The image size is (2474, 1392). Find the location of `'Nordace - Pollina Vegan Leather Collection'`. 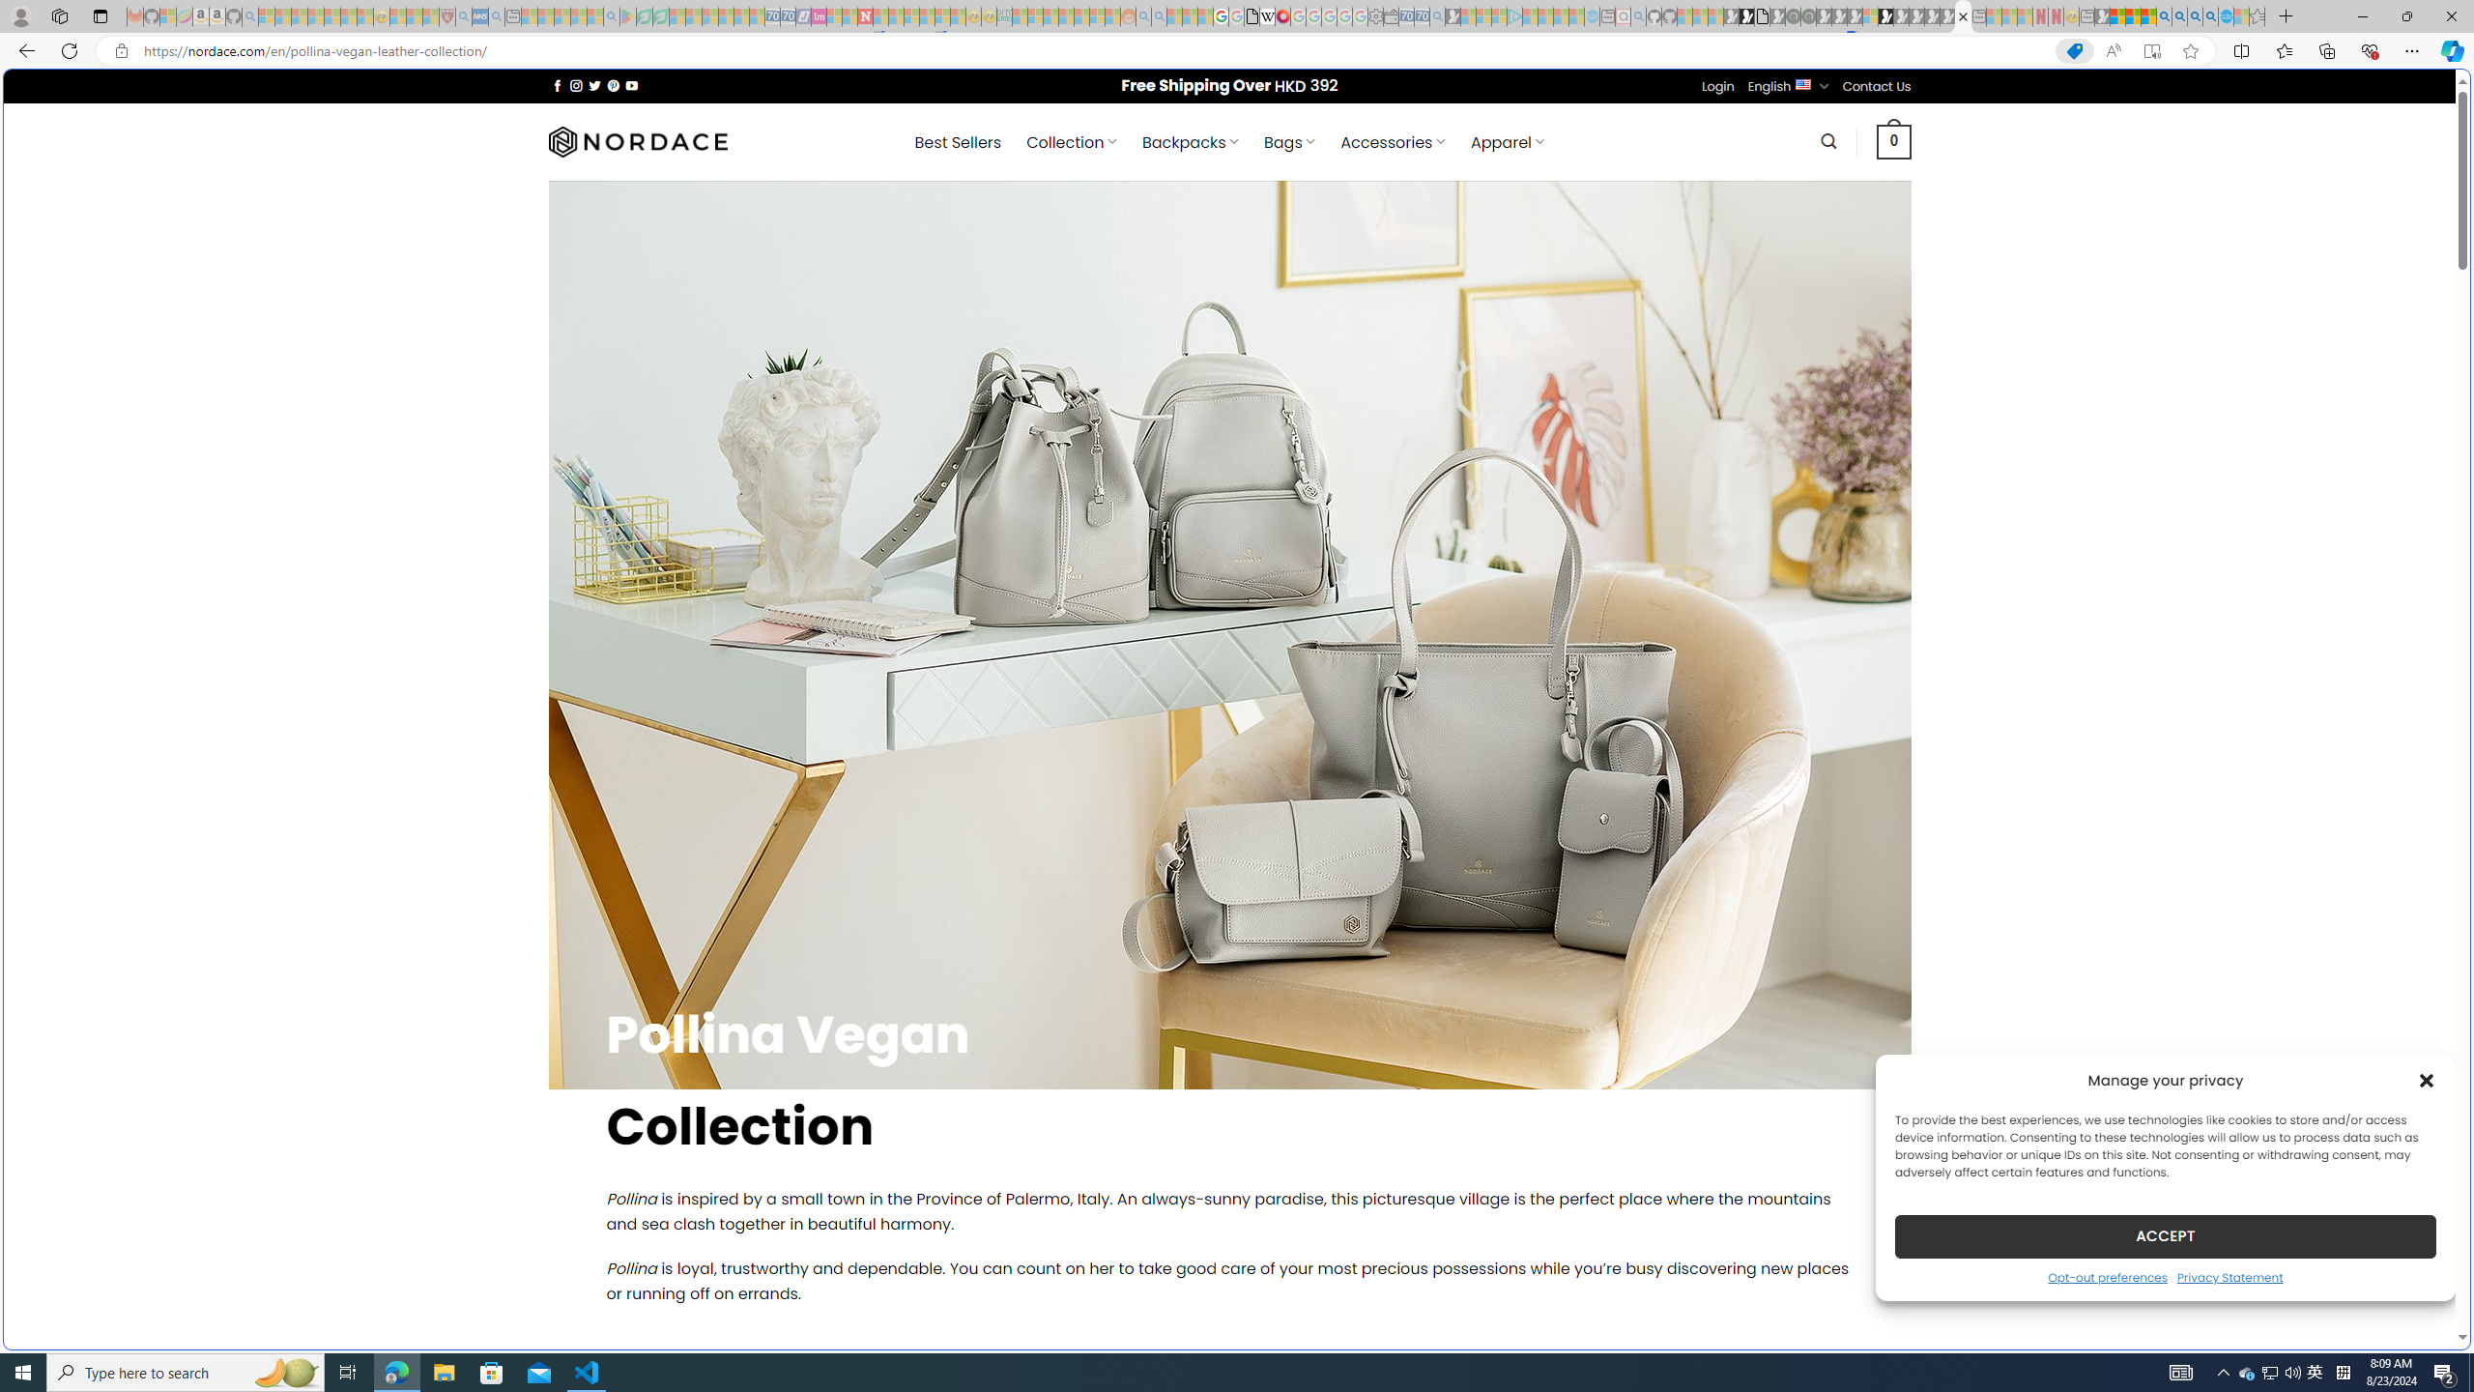

'Nordace - Pollina Vegan Leather Collection' is located at coordinates (1962, 15).